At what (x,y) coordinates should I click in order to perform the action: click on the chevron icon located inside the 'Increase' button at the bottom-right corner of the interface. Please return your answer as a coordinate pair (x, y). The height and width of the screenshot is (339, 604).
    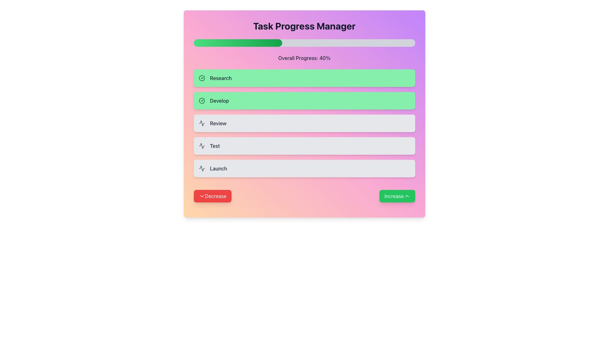
    Looking at the image, I should click on (407, 196).